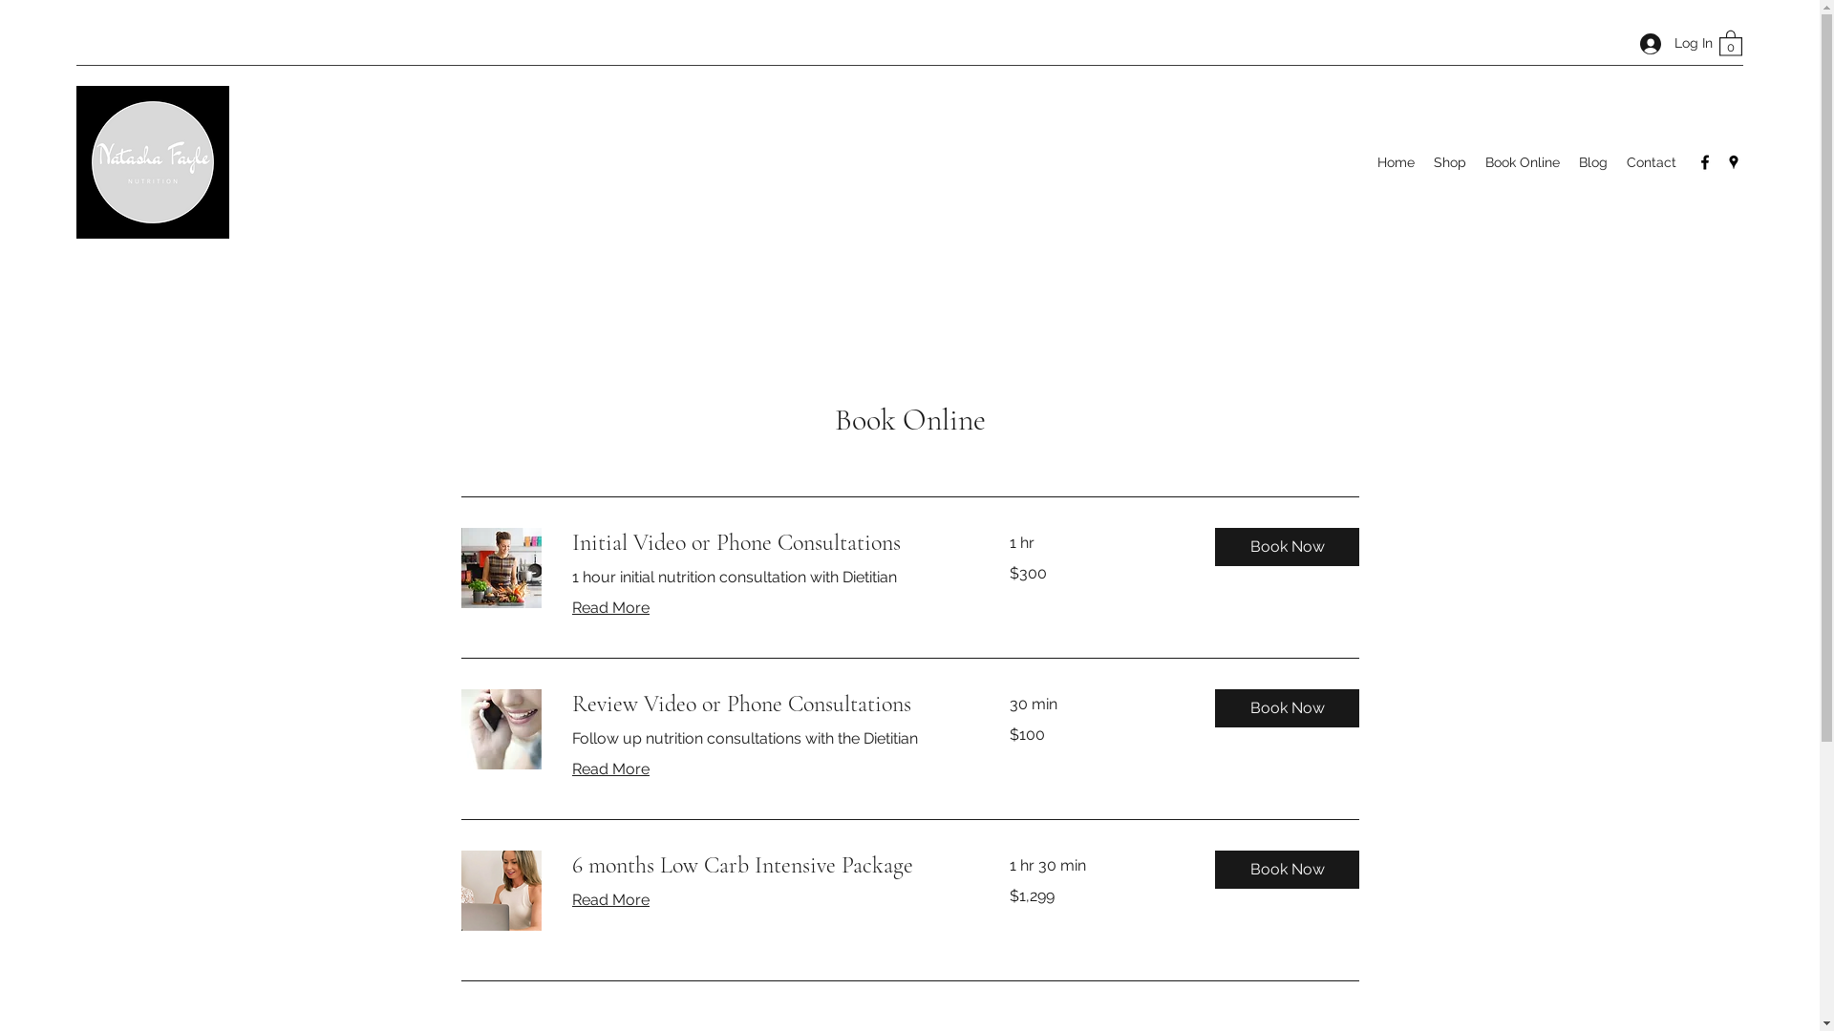 Image resolution: width=1834 pixels, height=1031 pixels. Describe the element at coordinates (608, 607) in the screenshot. I see `'Read More'` at that location.